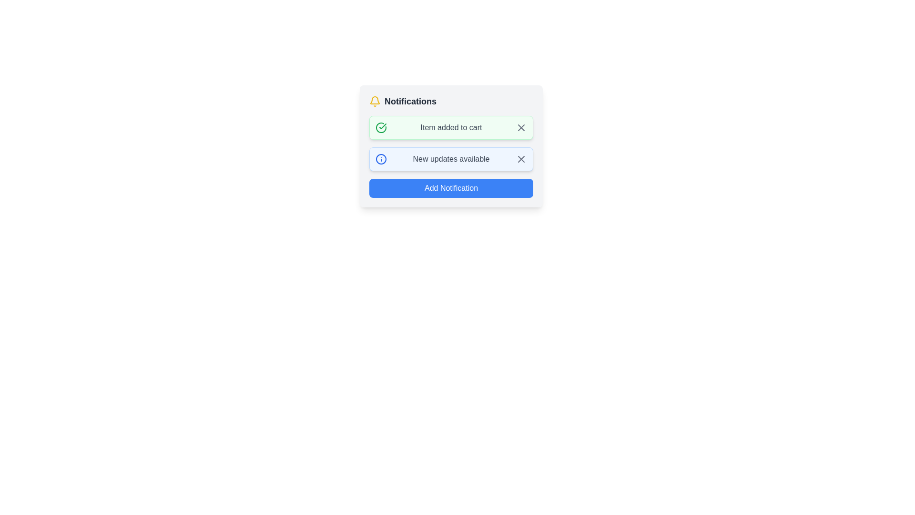 Image resolution: width=915 pixels, height=515 pixels. What do you see at coordinates (450, 188) in the screenshot?
I see `the 'Add Notification' button, which is a rectangular button with rounded corners and a blue background, located at the bottom of the notifications card` at bounding box center [450, 188].